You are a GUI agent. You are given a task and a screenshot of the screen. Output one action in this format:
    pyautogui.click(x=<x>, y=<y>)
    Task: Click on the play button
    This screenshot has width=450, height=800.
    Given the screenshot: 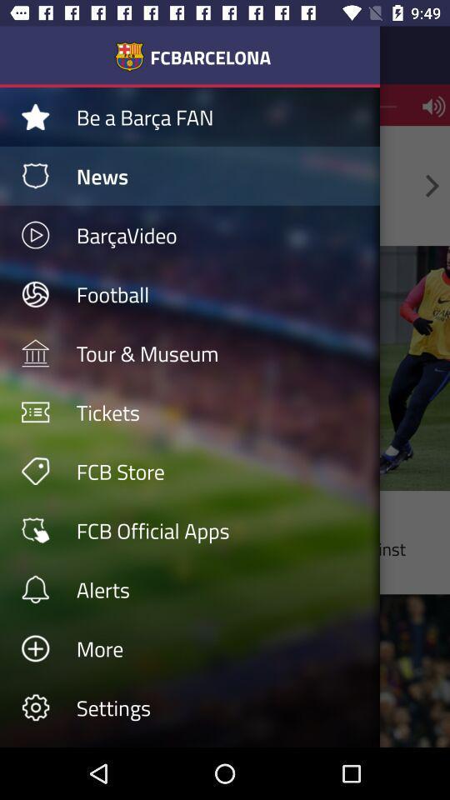 What is the action you would take?
    pyautogui.click(x=35, y=234)
    